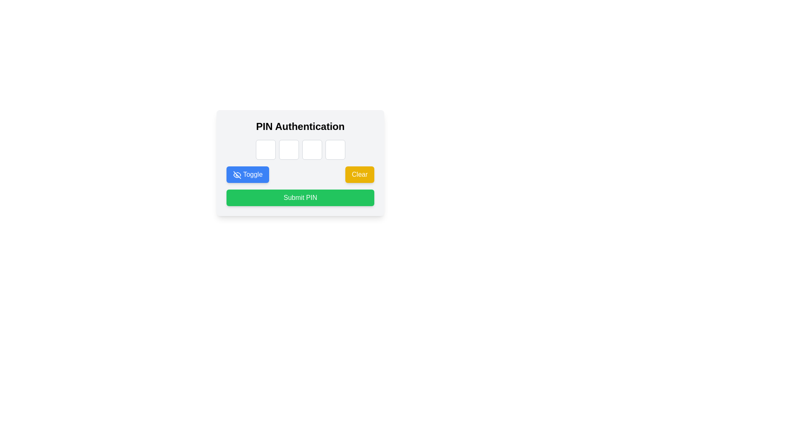  Describe the element at coordinates (300, 198) in the screenshot. I see `the vibrant green 'Submit PIN' button located below the PIN input fields` at that location.